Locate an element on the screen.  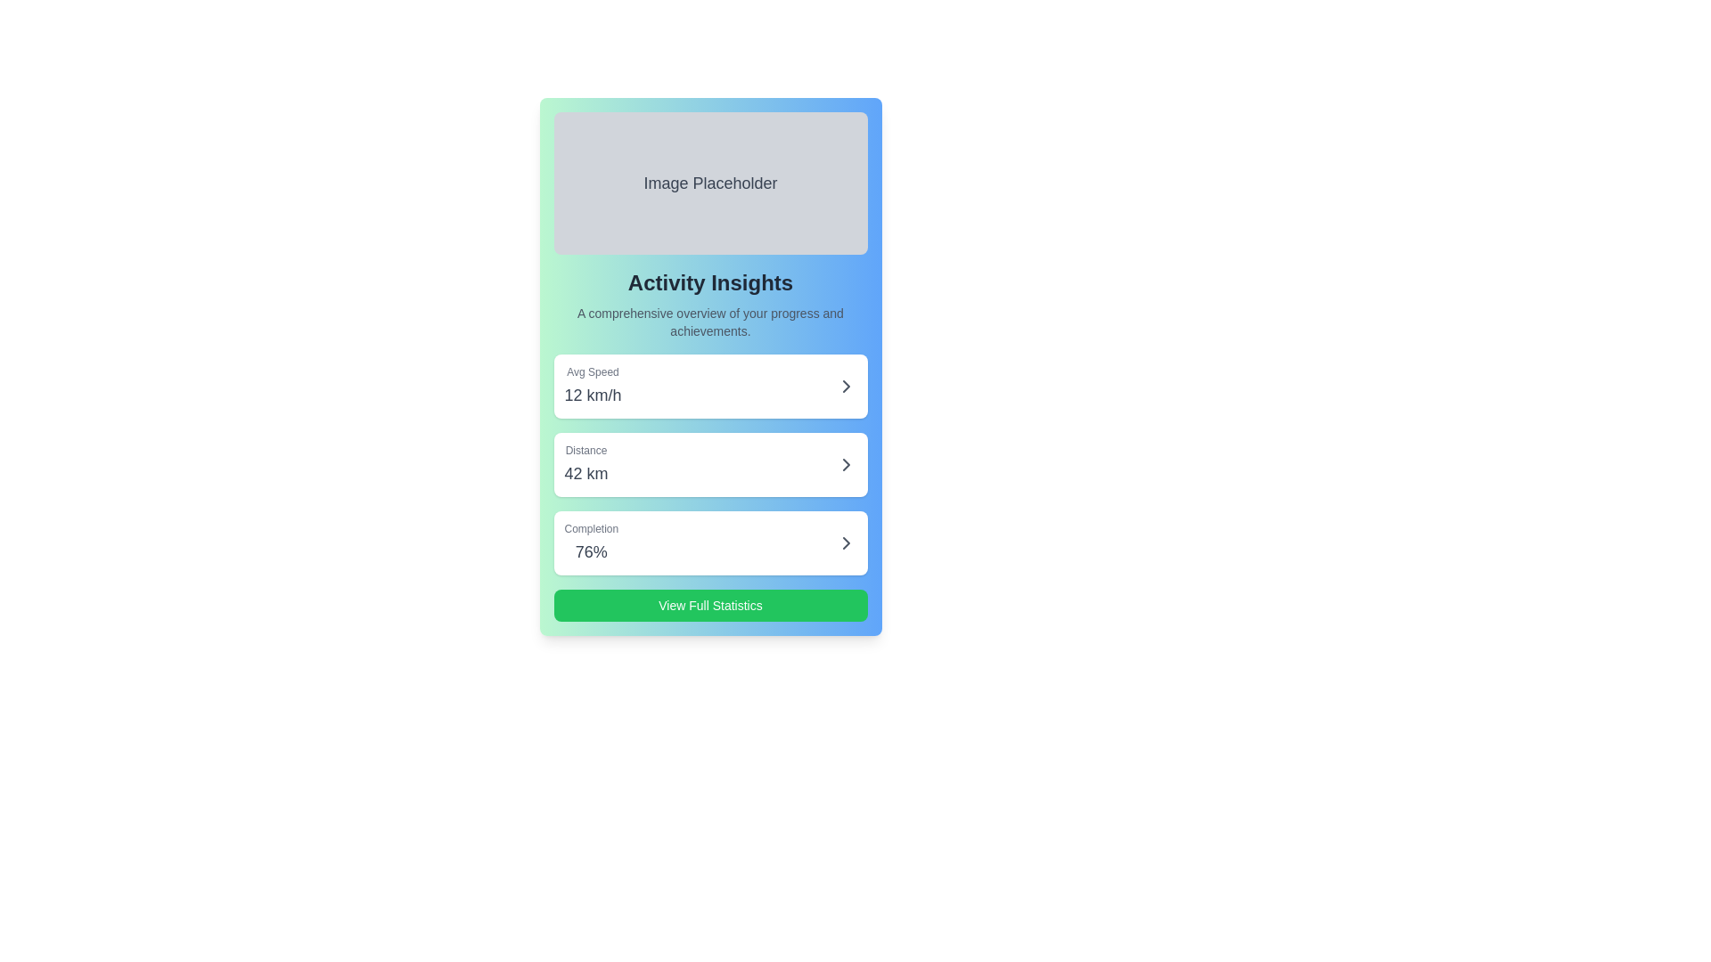
the second rectangular item under 'Activity Insights' which displays the distance metric of 42 km is located at coordinates (709, 463).